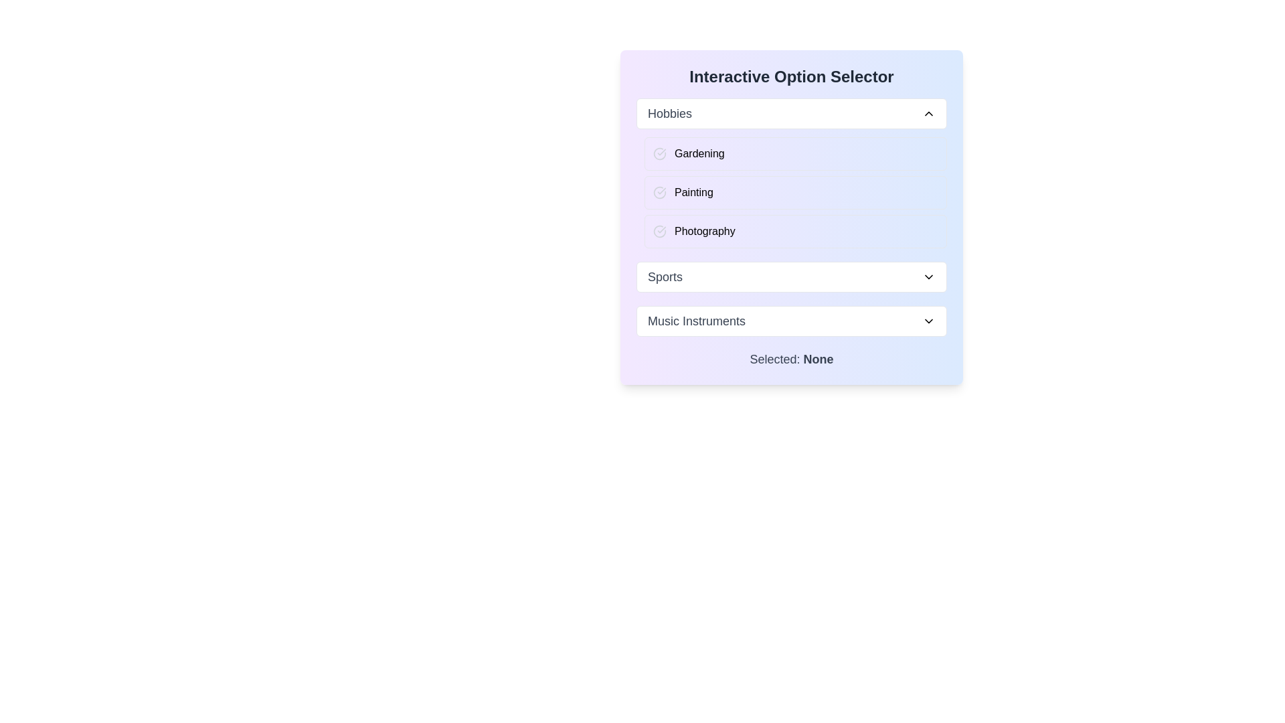 Image resolution: width=1285 pixels, height=723 pixels. Describe the element at coordinates (928, 276) in the screenshot. I see `the downward-facing chevron icon located to the right of the label 'Sports'` at that location.